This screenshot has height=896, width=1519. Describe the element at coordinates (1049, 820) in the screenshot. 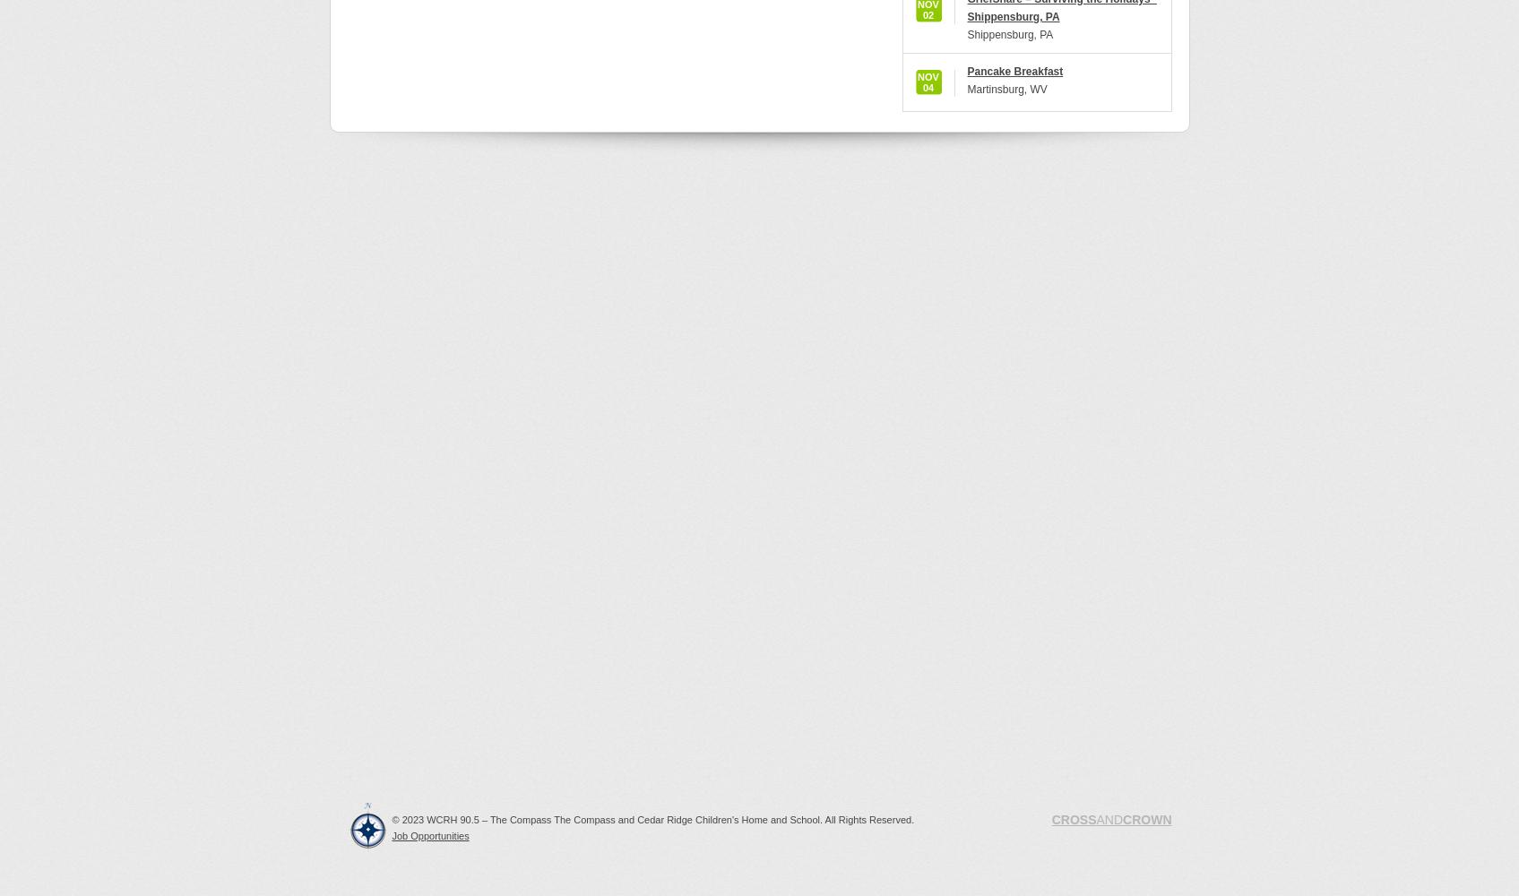

I see `'CROSS'` at that location.